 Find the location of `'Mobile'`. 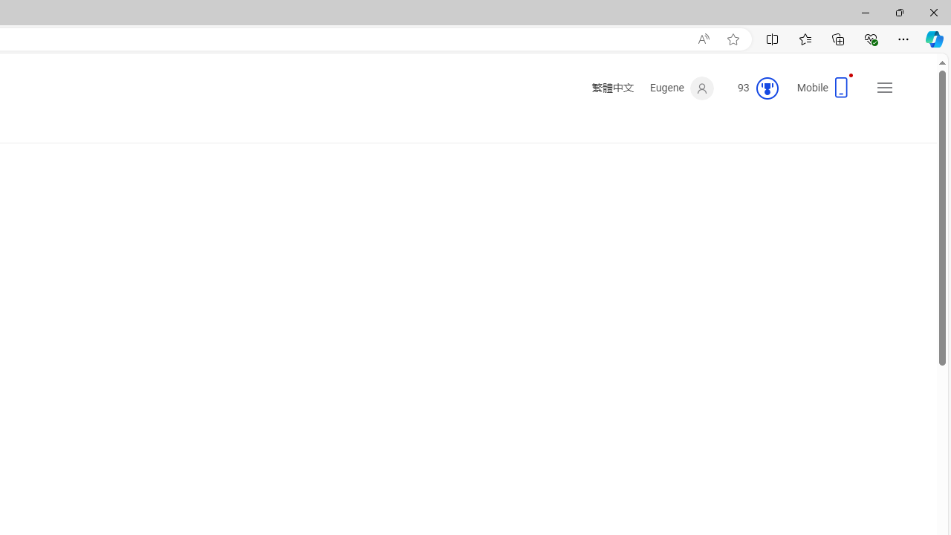

'Mobile' is located at coordinates (825, 92).